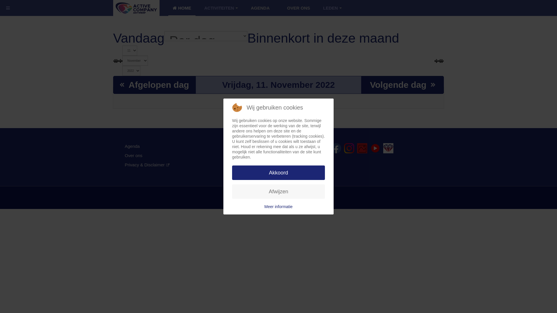  Describe the element at coordinates (441, 60) in the screenshot. I see `'Volgende maand'` at that location.